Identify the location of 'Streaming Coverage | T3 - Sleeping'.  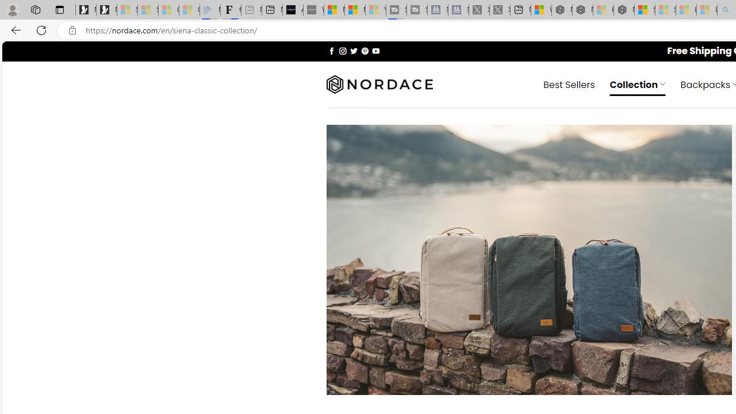
(396, 10).